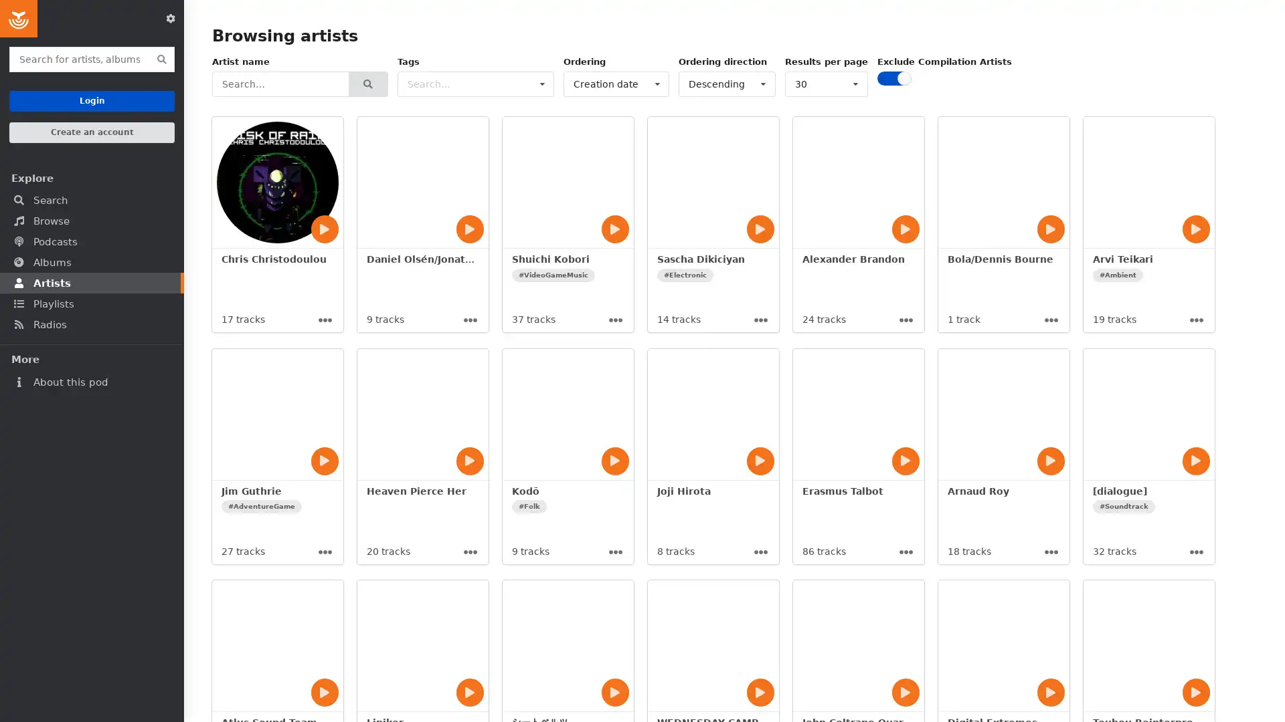  Describe the element at coordinates (614, 692) in the screenshot. I see `Play artist` at that location.